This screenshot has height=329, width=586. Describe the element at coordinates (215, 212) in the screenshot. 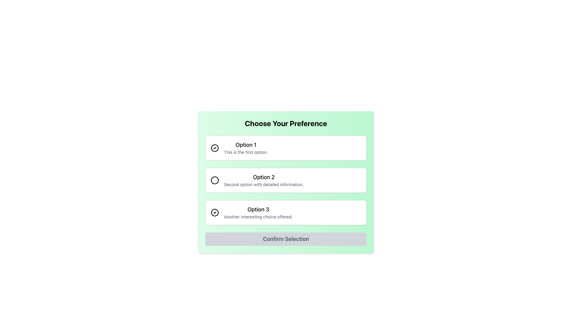

I see `the decorative icon for the third option in the list, which is positioned to the left of 'Option 3'` at that location.